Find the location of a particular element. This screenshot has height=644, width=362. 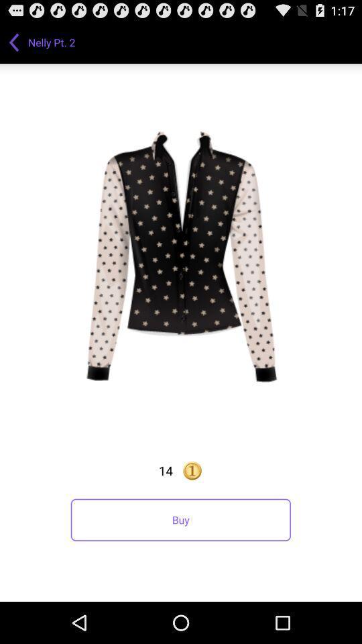

nelly pt. 2  app is located at coordinates (52, 42).